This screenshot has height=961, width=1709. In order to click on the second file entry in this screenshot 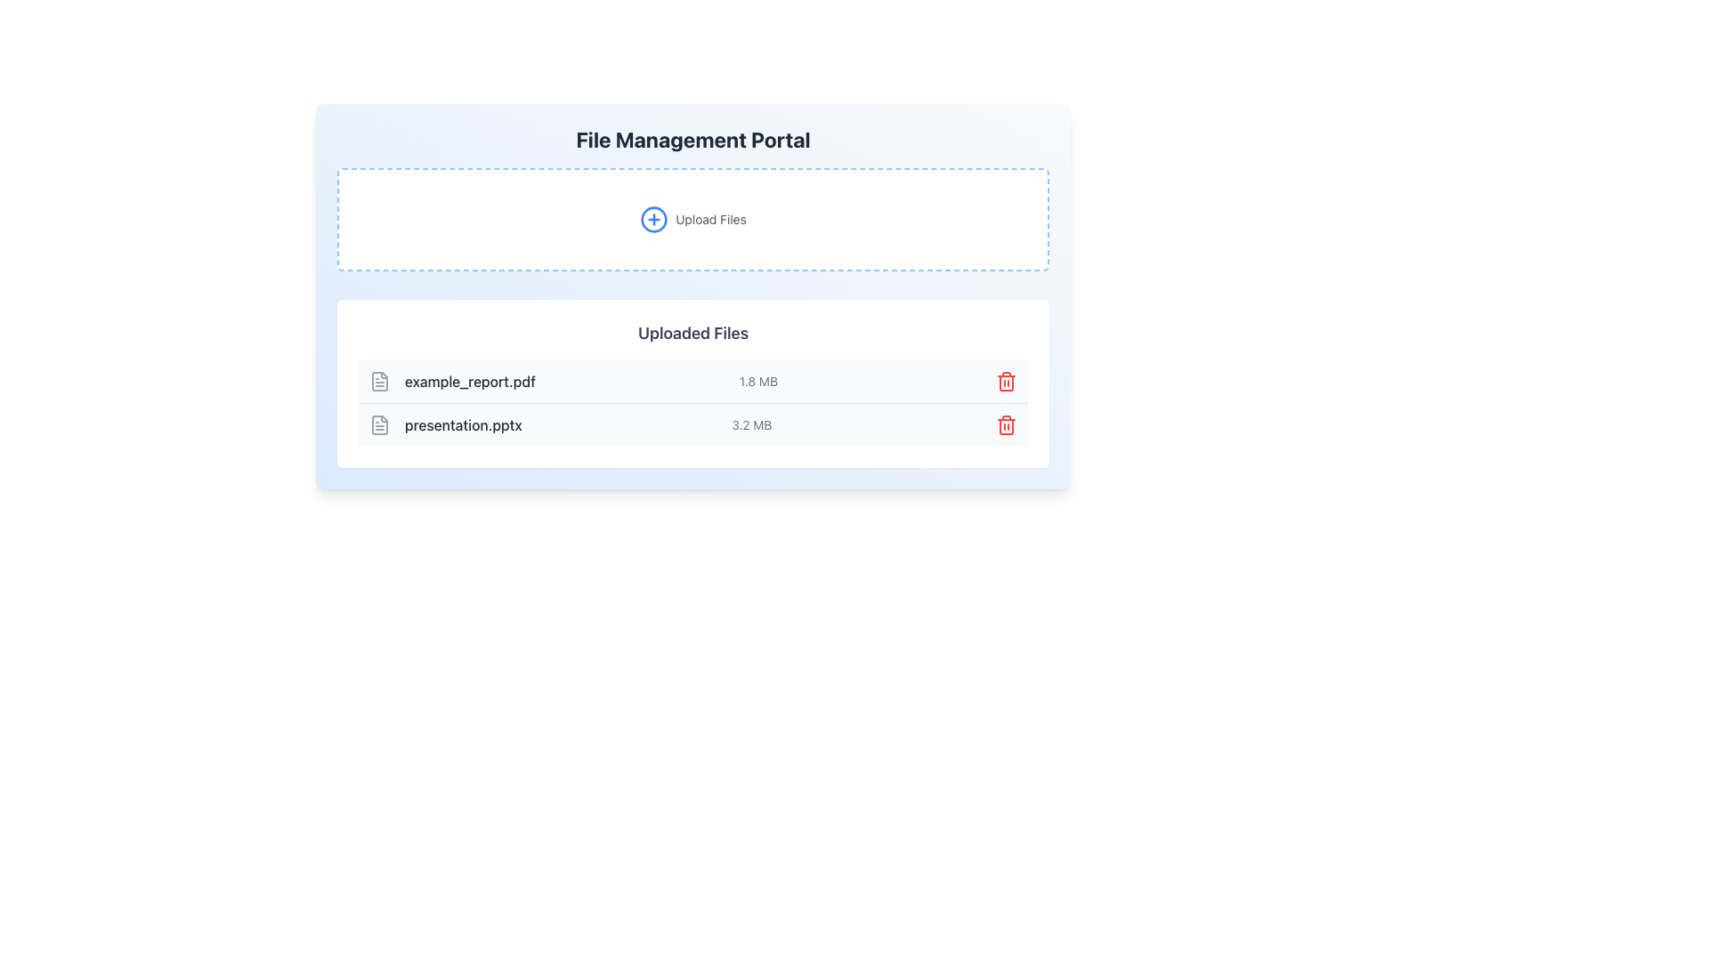, I will do `click(692, 425)`.